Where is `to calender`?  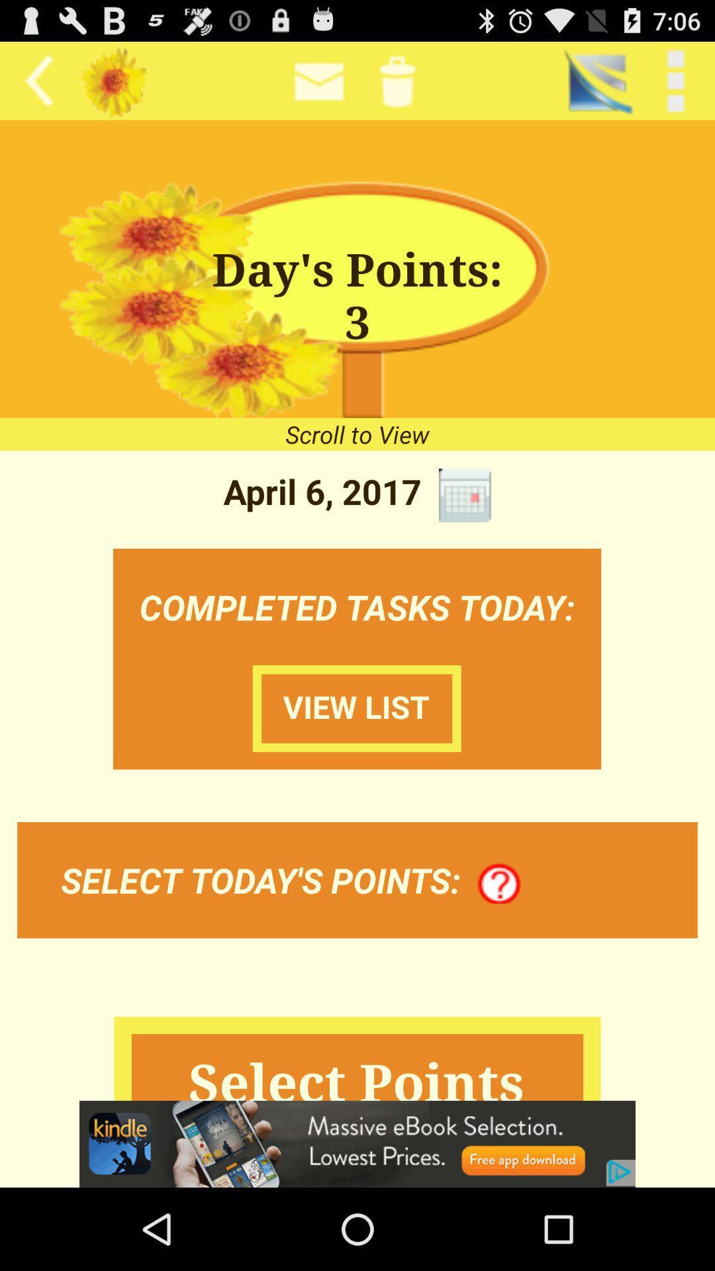 to calender is located at coordinates (464, 494).